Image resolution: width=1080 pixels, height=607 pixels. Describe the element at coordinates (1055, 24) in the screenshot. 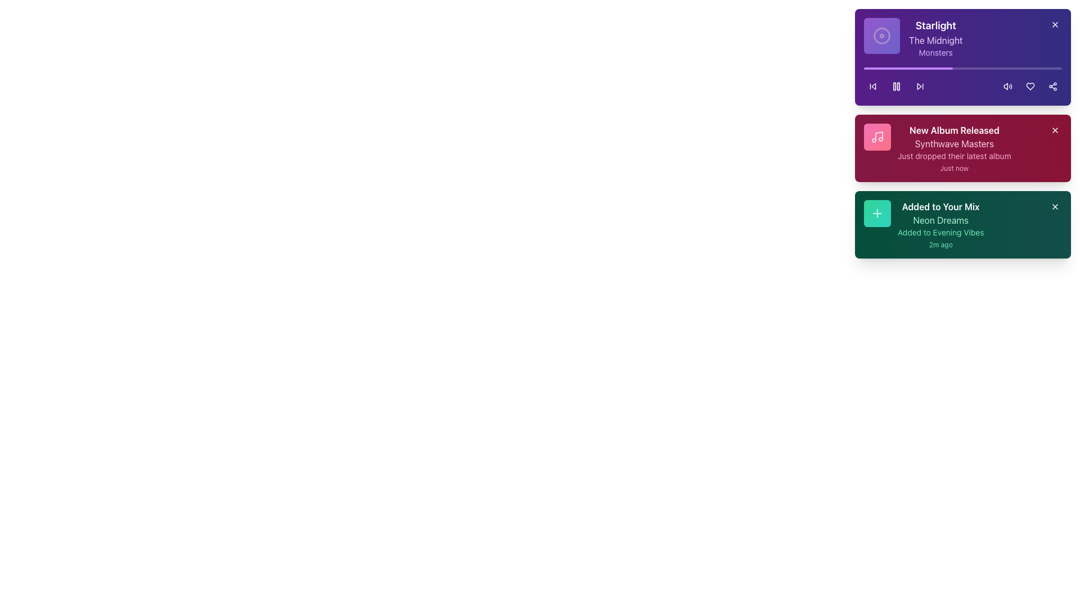

I see `the dismiss button located in the top-right corner of the card displaying the track 'Starlight' by 'The Midnight'` at that location.